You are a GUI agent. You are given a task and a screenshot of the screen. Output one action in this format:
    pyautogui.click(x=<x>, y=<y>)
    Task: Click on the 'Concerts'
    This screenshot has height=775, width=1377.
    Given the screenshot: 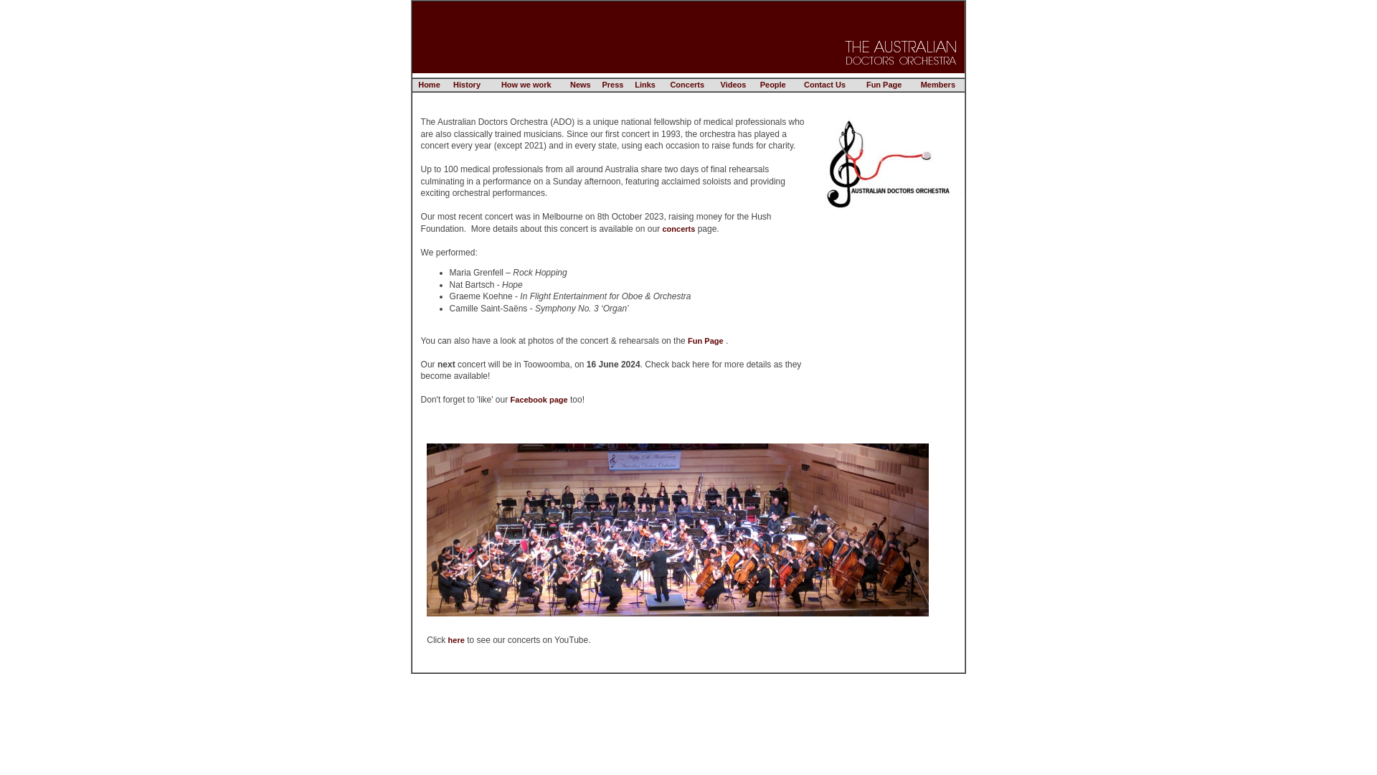 What is the action you would take?
    pyautogui.click(x=686, y=85)
    